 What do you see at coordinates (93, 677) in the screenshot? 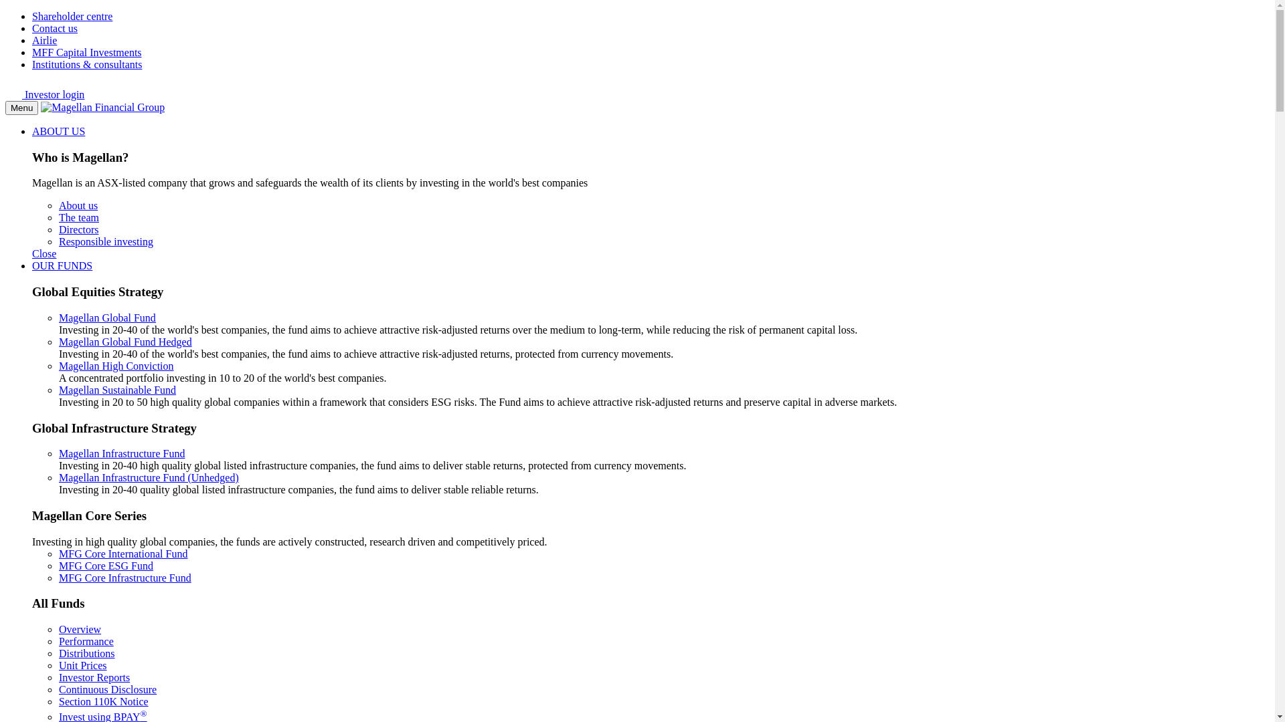
I see `'Investor Reports'` at bounding box center [93, 677].